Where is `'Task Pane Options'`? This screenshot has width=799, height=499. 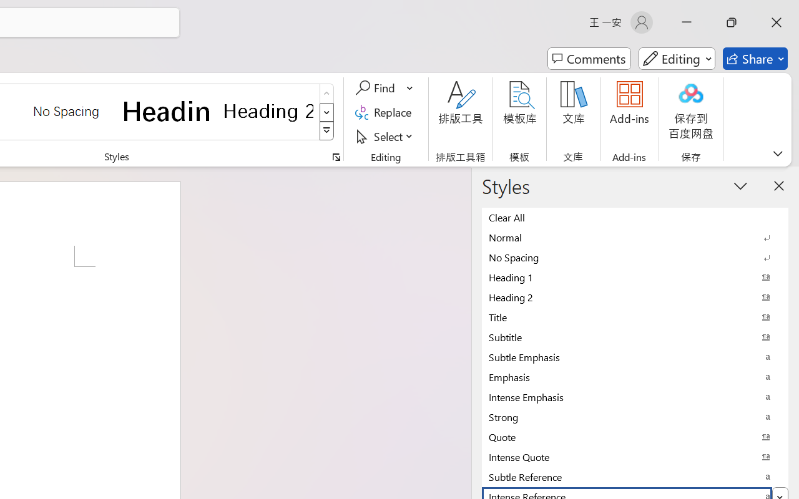 'Task Pane Options' is located at coordinates (741, 185).